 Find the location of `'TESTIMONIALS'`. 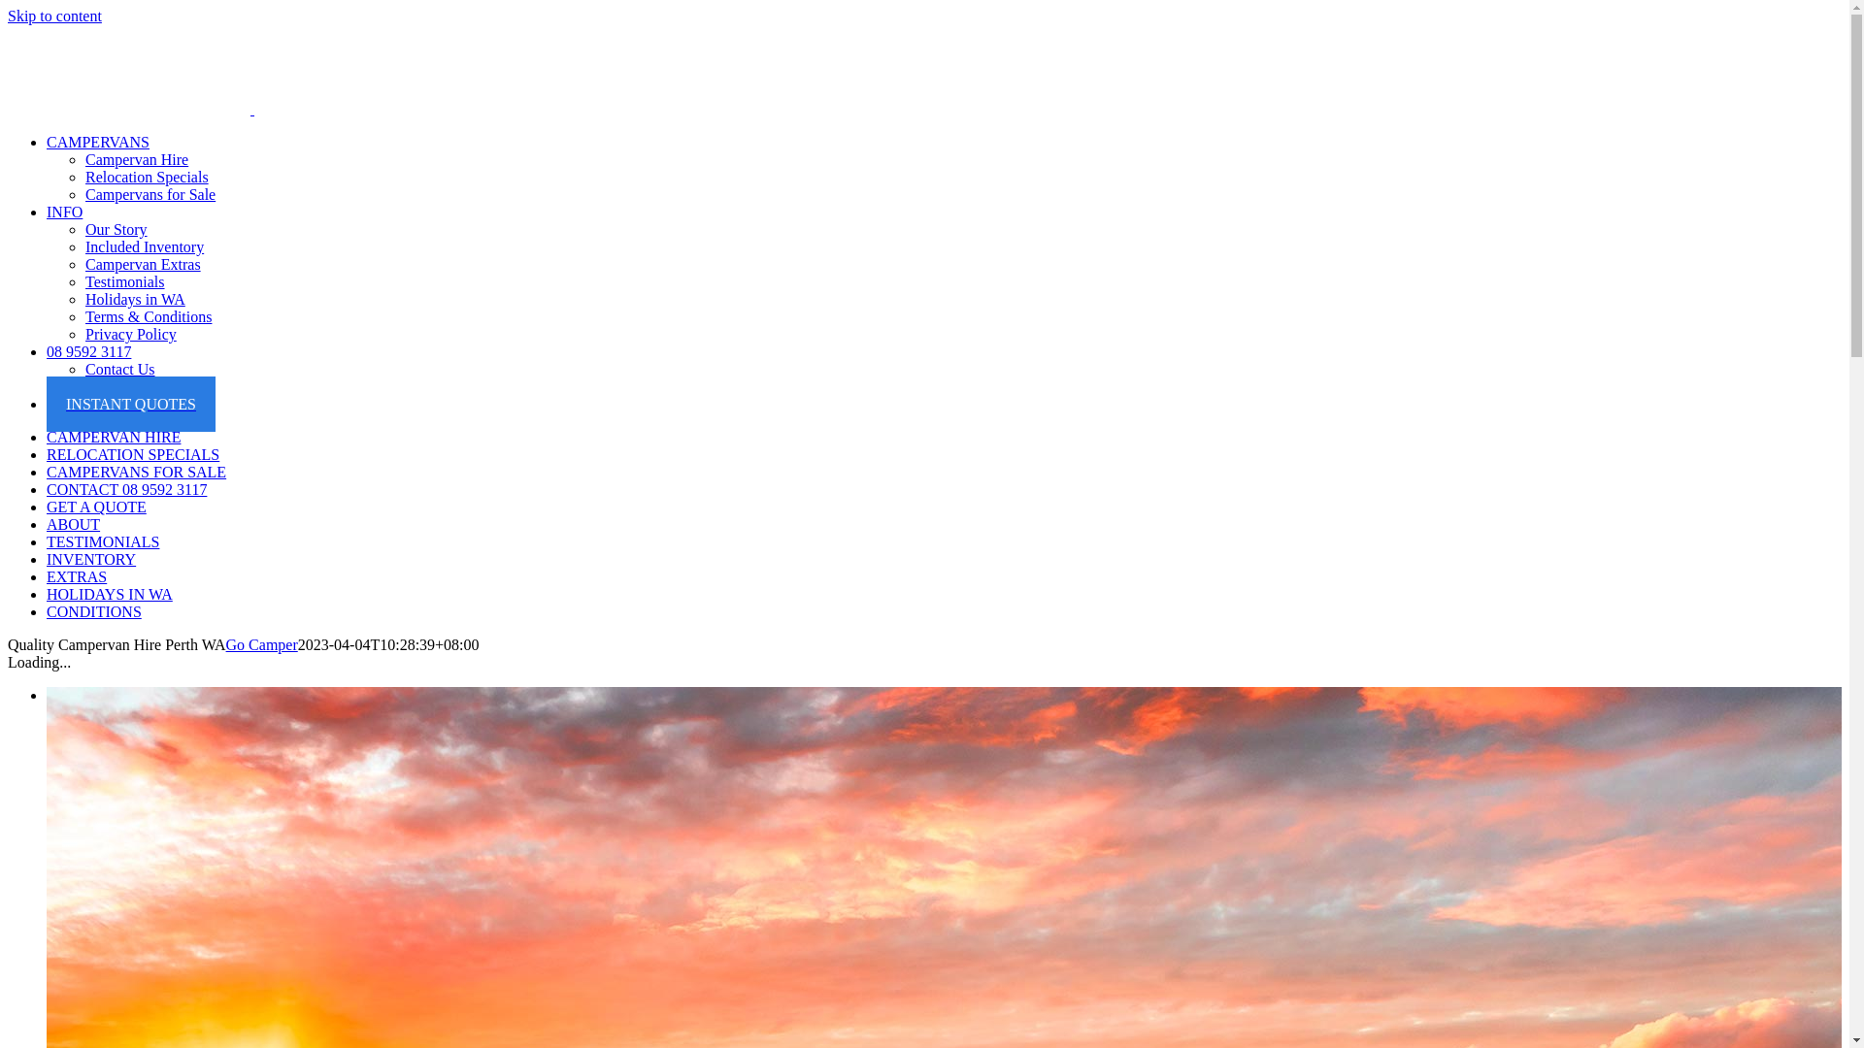

'TESTIMONIALS' is located at coordinates (101, 541).